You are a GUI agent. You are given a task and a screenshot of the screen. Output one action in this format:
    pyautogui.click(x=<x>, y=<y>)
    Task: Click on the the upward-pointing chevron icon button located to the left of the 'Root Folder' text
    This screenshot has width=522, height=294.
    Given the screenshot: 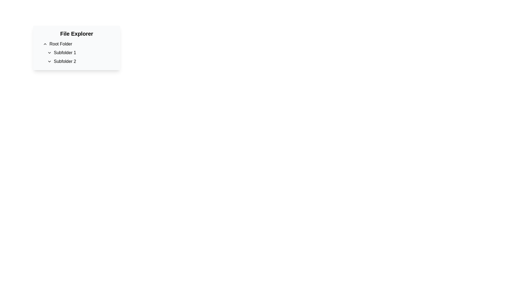 What is the action you would take?
    pyautogui.click(x=45, y=44)
    